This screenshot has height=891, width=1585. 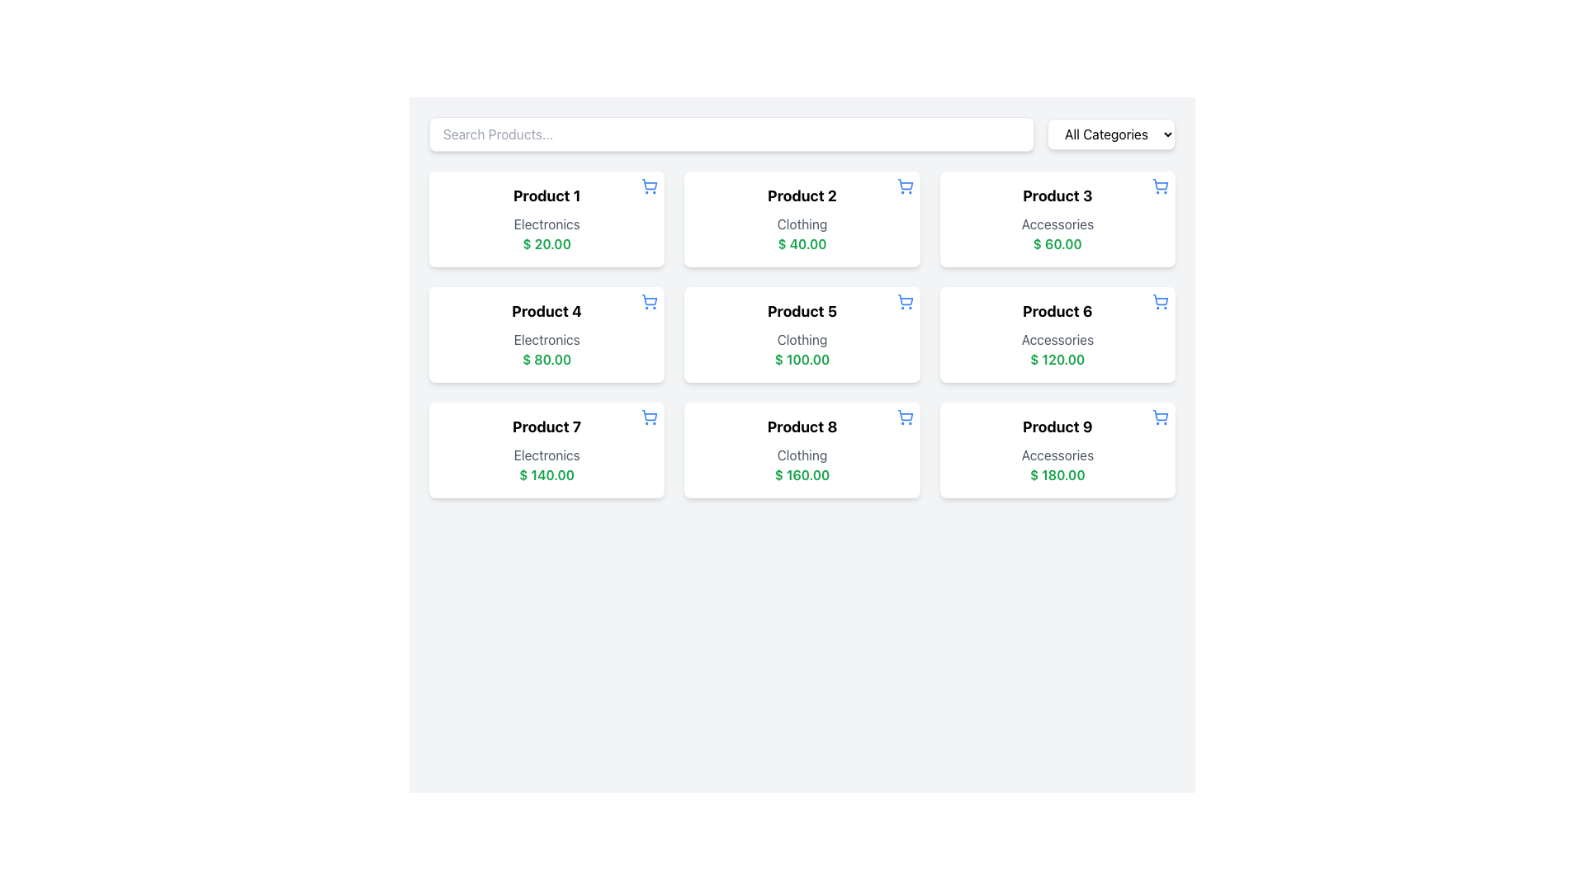 What do you see at coordinates (546, 426) in the screenshot?
I see `the bold text label displaying 'Product 7'` at bounding box center [546, 426].